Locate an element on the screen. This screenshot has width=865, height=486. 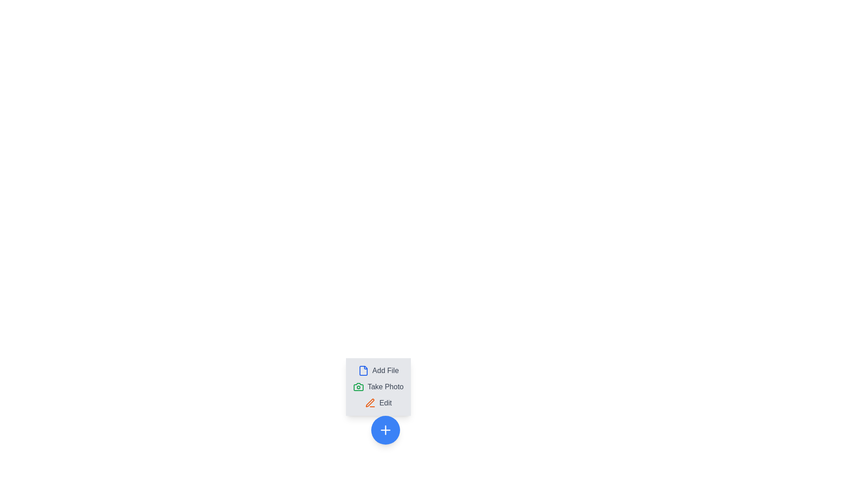
the plus icon inside the circular blue button located at the bottom right corner of the interface is located at coordinates (385, 430).